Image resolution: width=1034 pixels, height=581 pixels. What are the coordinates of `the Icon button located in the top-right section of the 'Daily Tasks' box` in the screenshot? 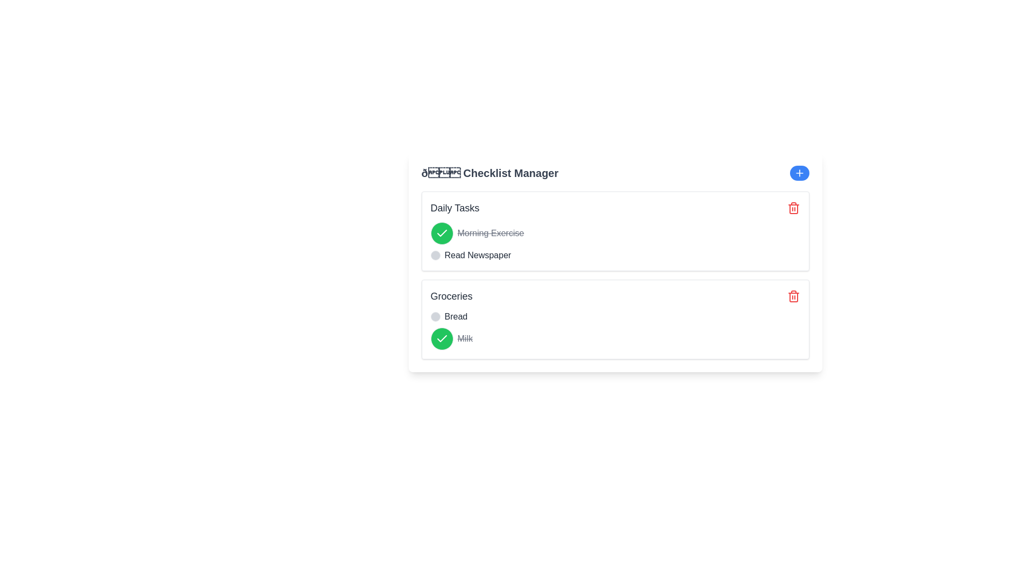 It's located at (793, 208).